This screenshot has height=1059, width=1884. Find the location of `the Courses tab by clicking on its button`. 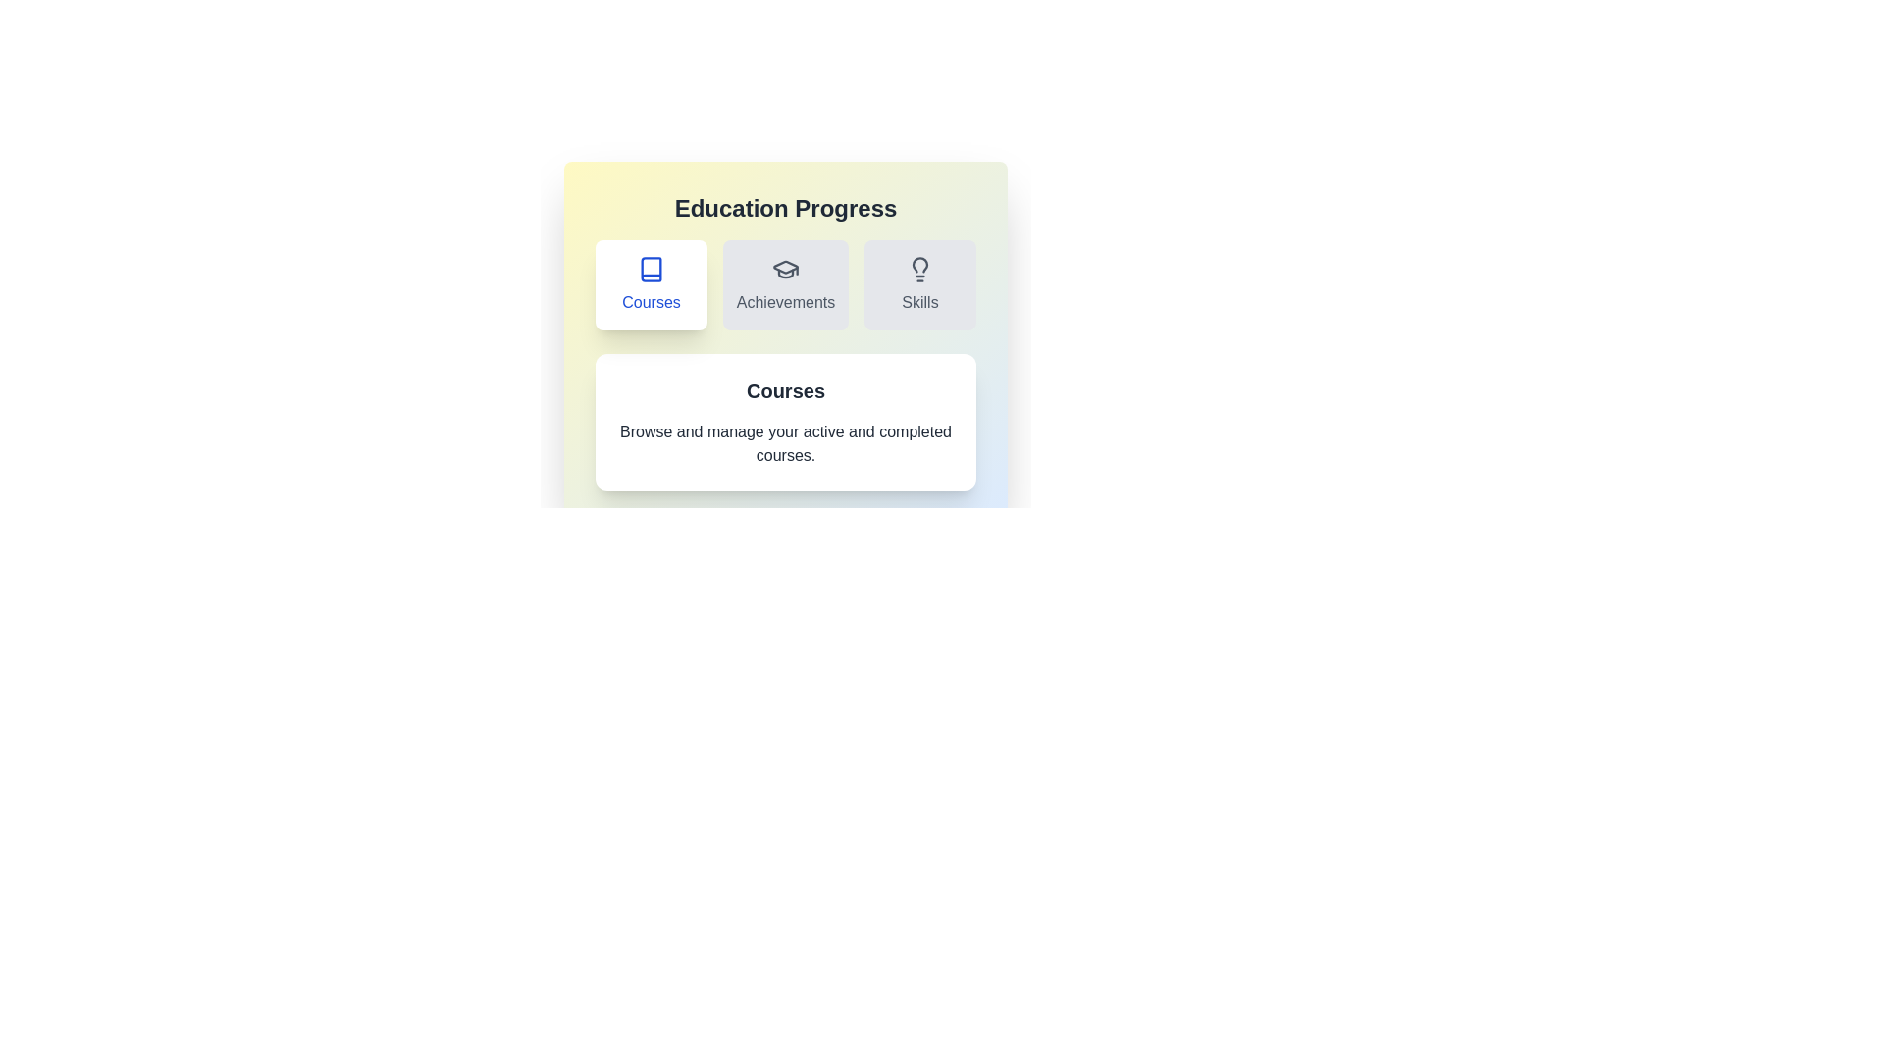

the Courses tab by clicking on its button is located at coordinates (651, 284).